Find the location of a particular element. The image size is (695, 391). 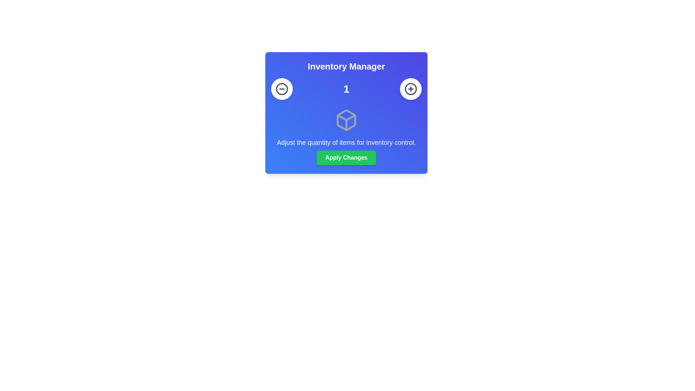

the circular blue button with a plus symbol to increment the value is located at coordinates (410, 89).